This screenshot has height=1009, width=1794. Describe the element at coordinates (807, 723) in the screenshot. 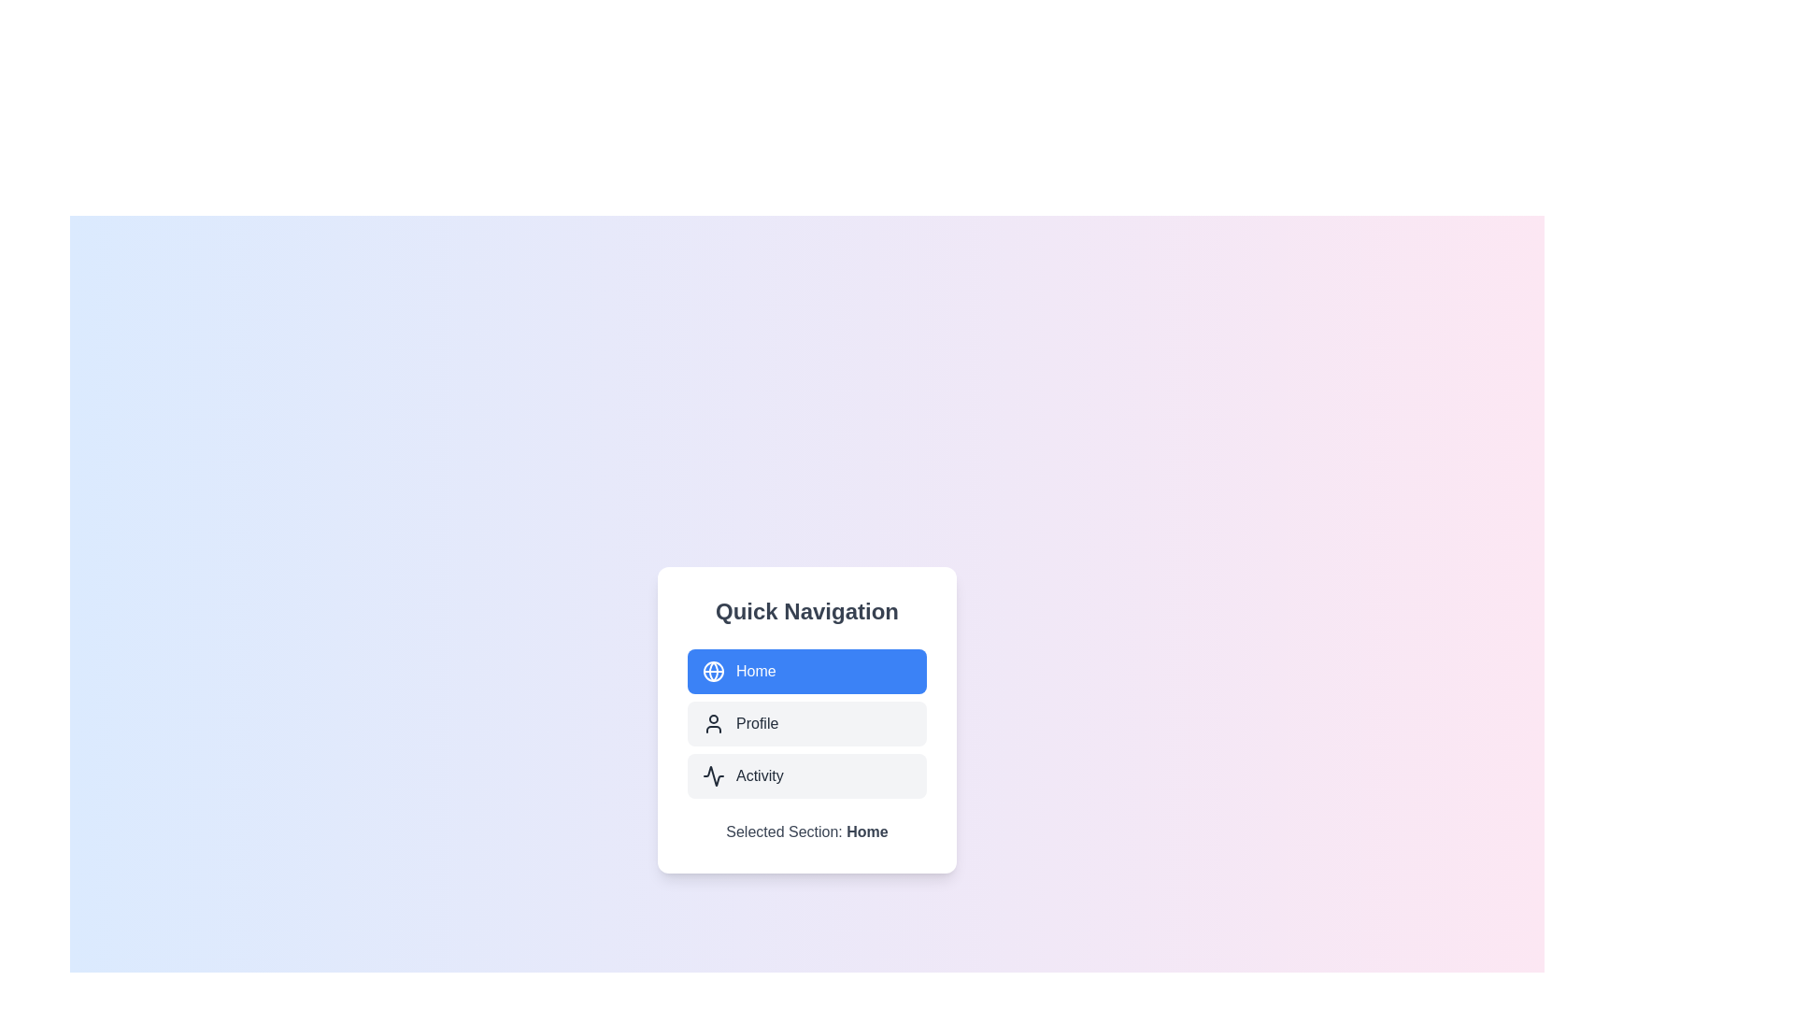

I see `the 'Profile' navigation button, which is the second button in the vertical stack within the 'Quick Navigation' card` at that location.